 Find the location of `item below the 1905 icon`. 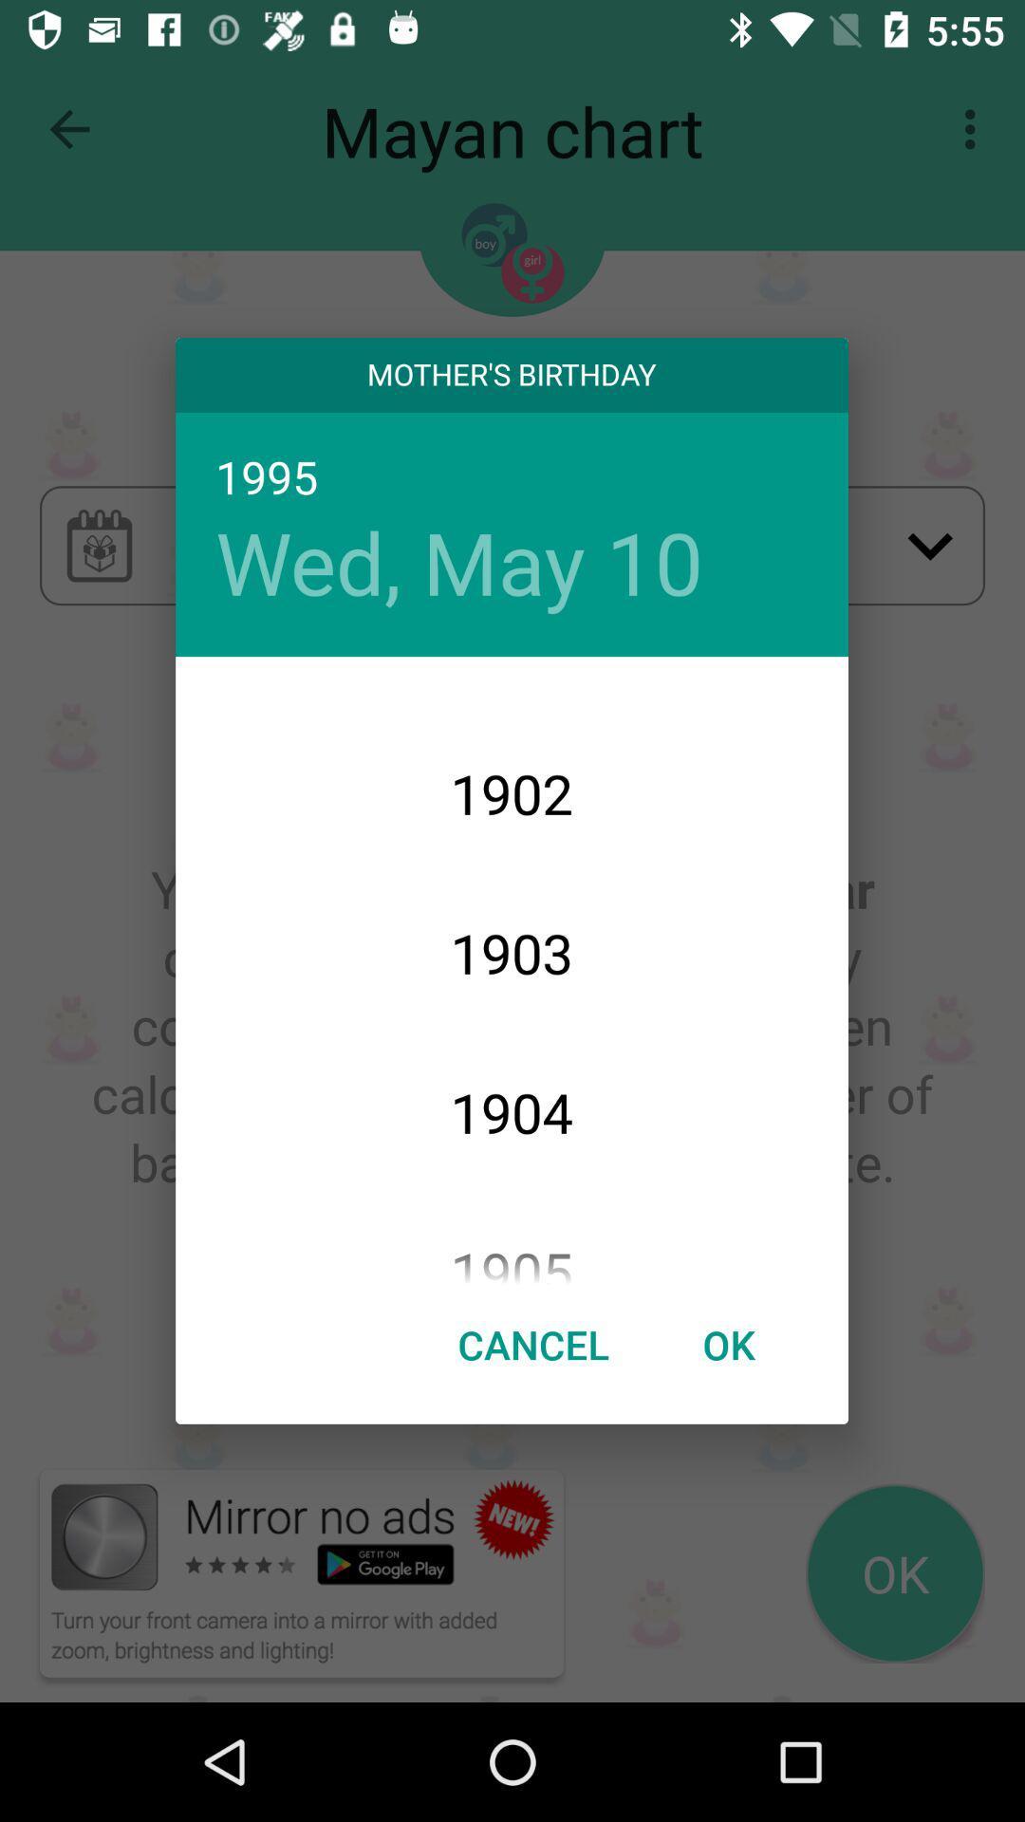

item below the 1905 icon is located at coordinates (727, 1343).